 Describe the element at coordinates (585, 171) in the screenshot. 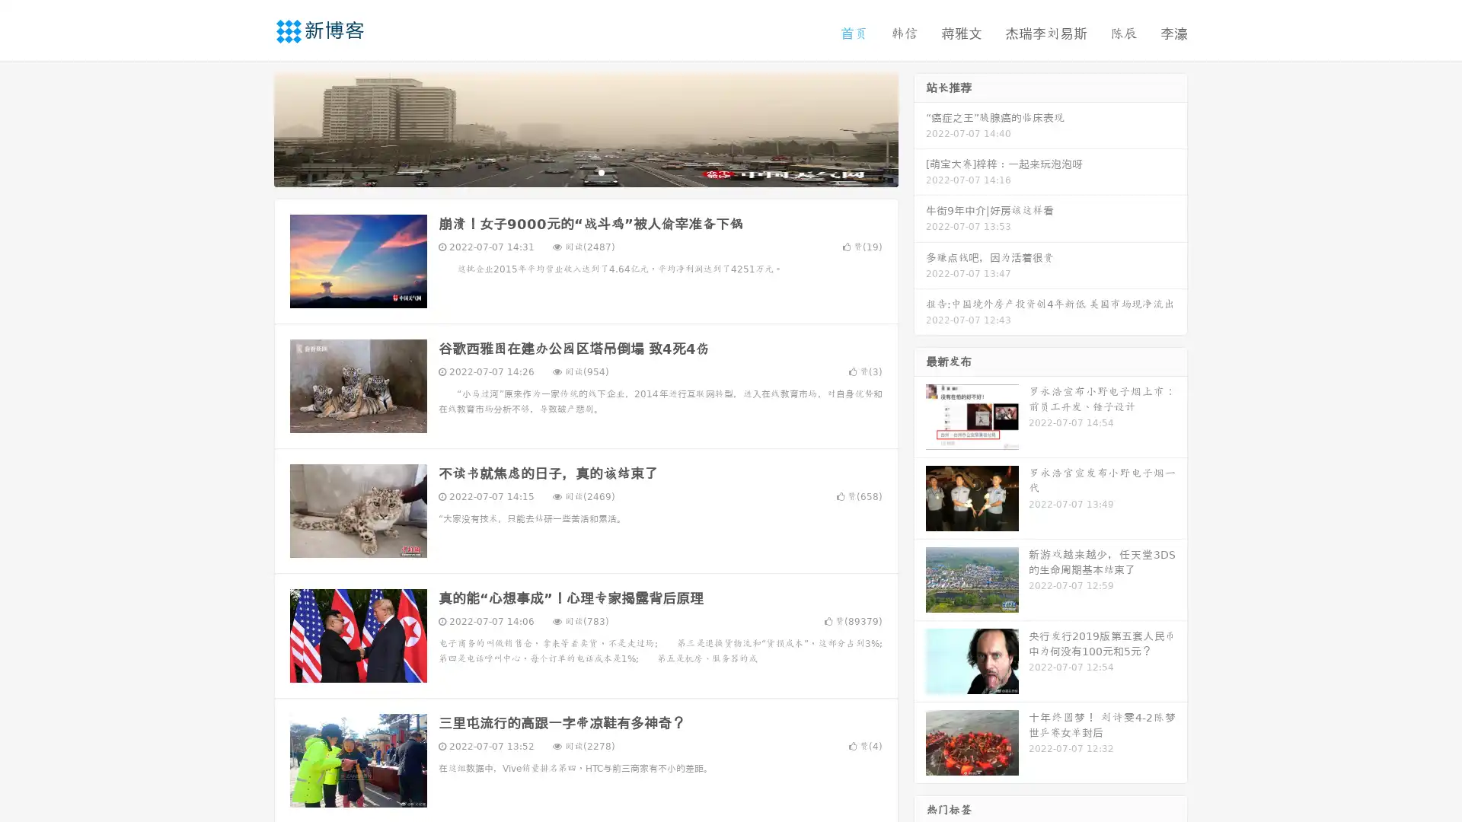

I see `Go to slide 2` at that location.